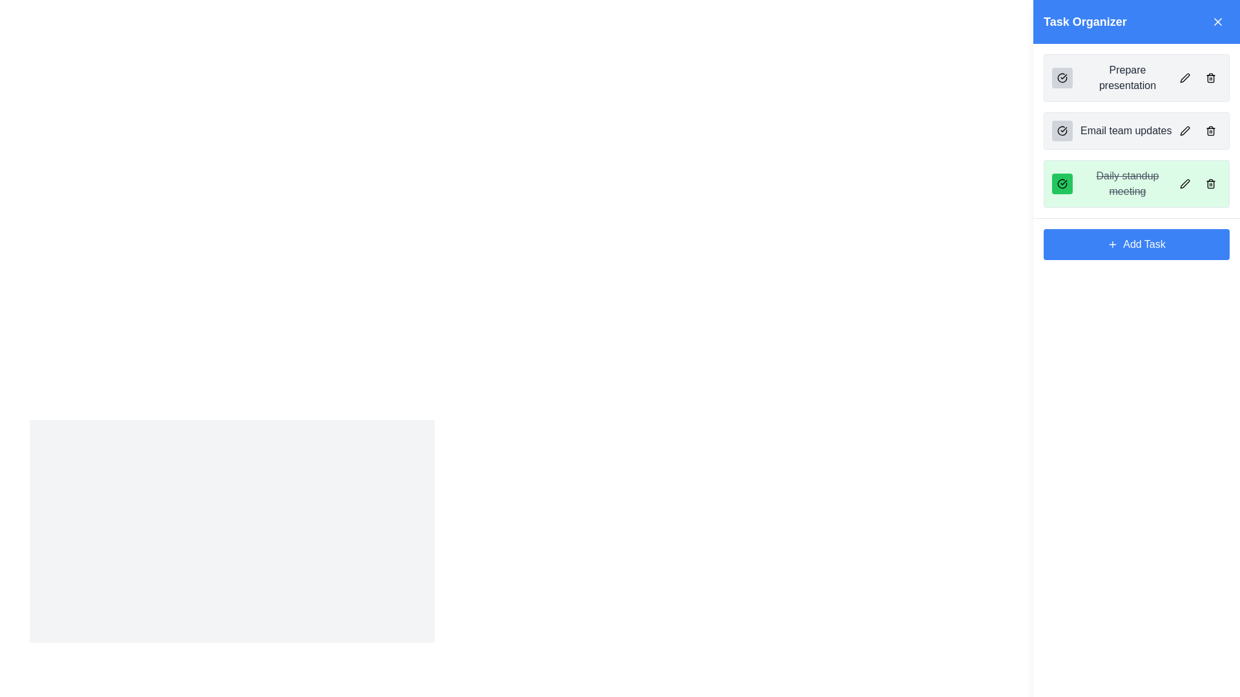 The height and width of the screenshot is (697, 1240). I want to click on the circular checkmark icon located in the first task row titled 'Prepare presentation' in the task organizer panel, so click(1062, 77).